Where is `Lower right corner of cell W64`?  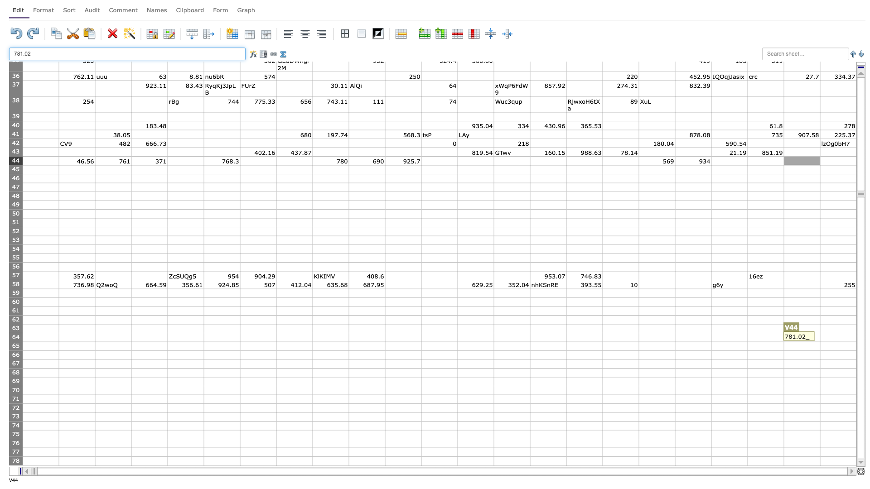 Lower right corner of cell W64 is located at coordinates (856, 342).